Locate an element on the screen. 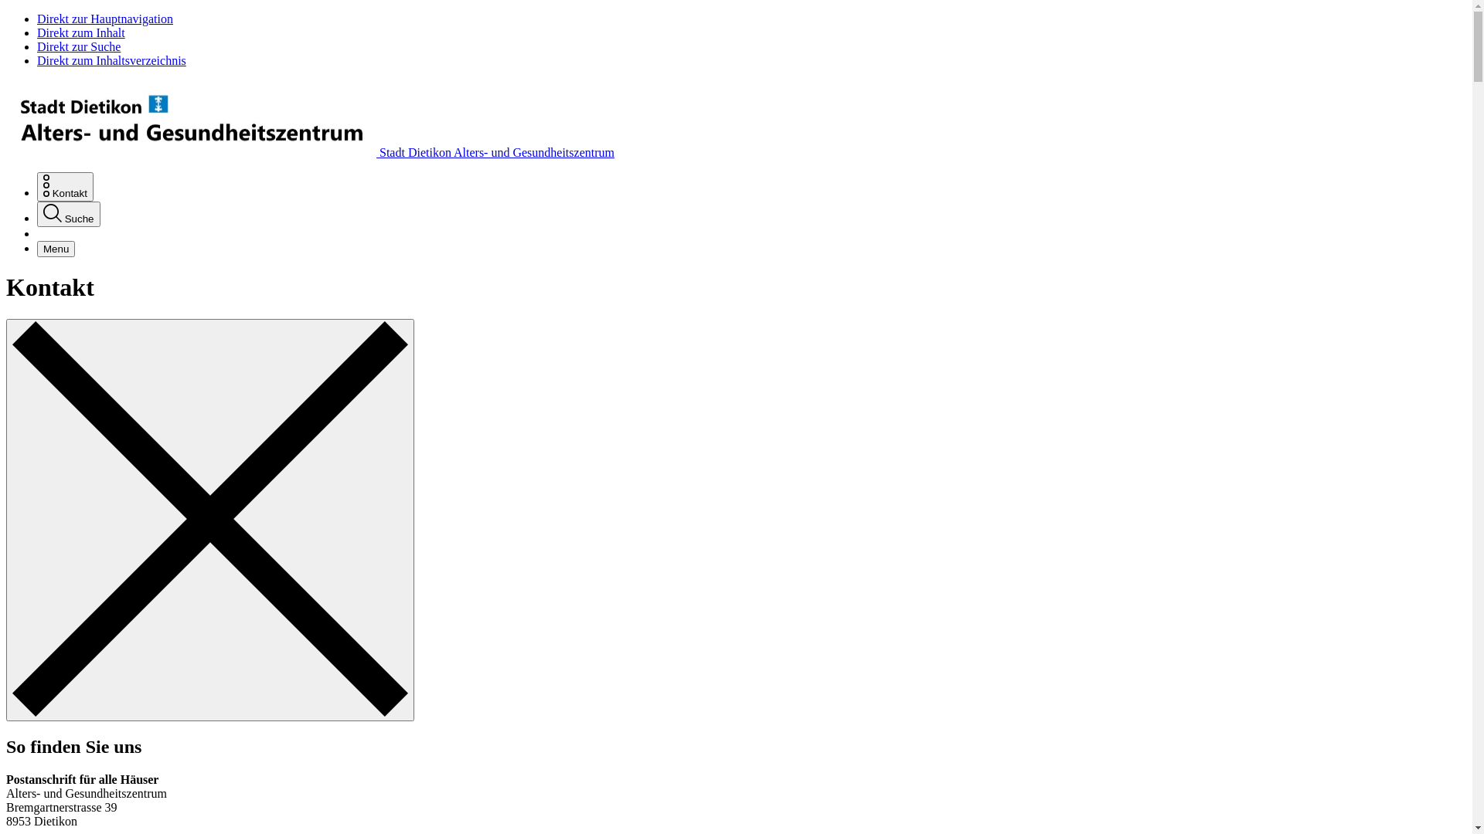 The height and width of the screenshot is (834, 1484). 'Kontakt' is located at coordinates (64, 186).